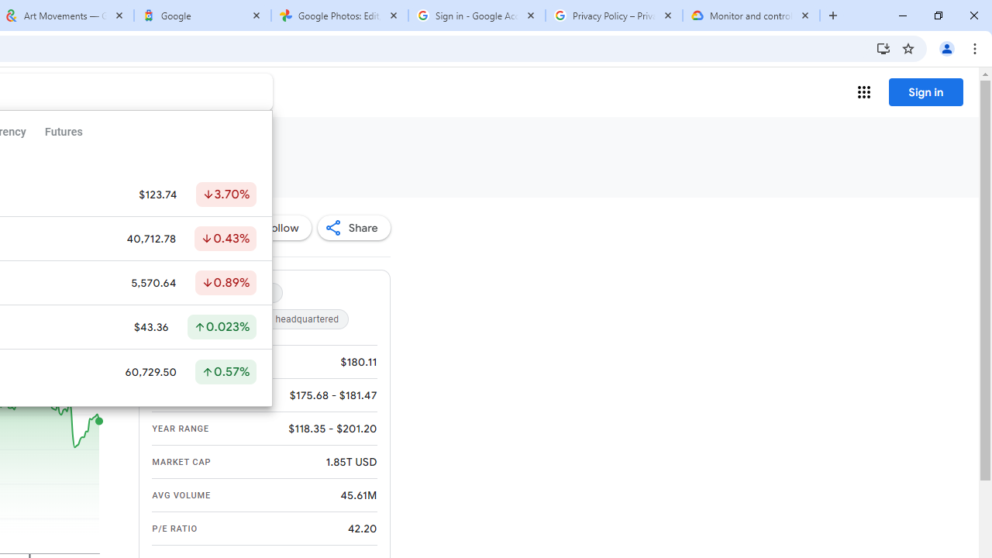 This screenshot has height=558, width=992. What do you see at coordinates (476, 15) in the screenshot?
I see `'Sign in - Google Accounts'` at bounding box center [476, 15].